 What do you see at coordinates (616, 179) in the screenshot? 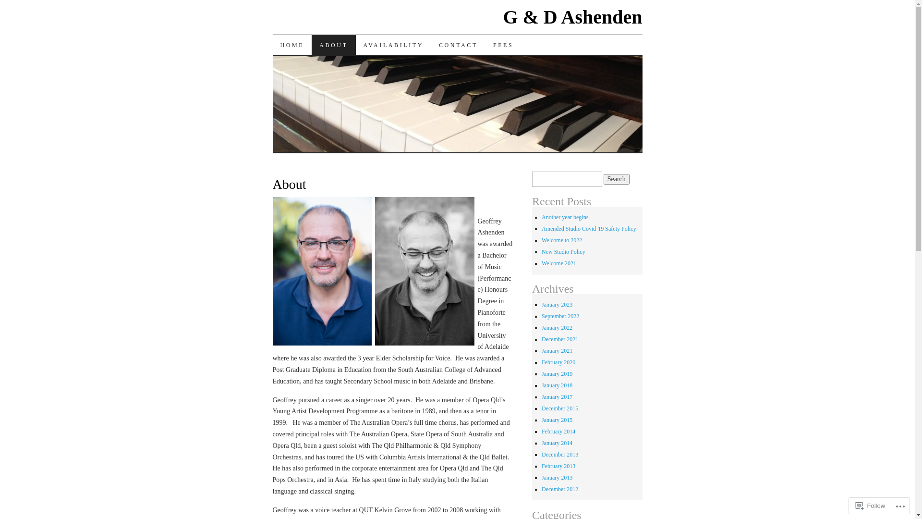
I see `'Search'` at bounding box center [616, 179].